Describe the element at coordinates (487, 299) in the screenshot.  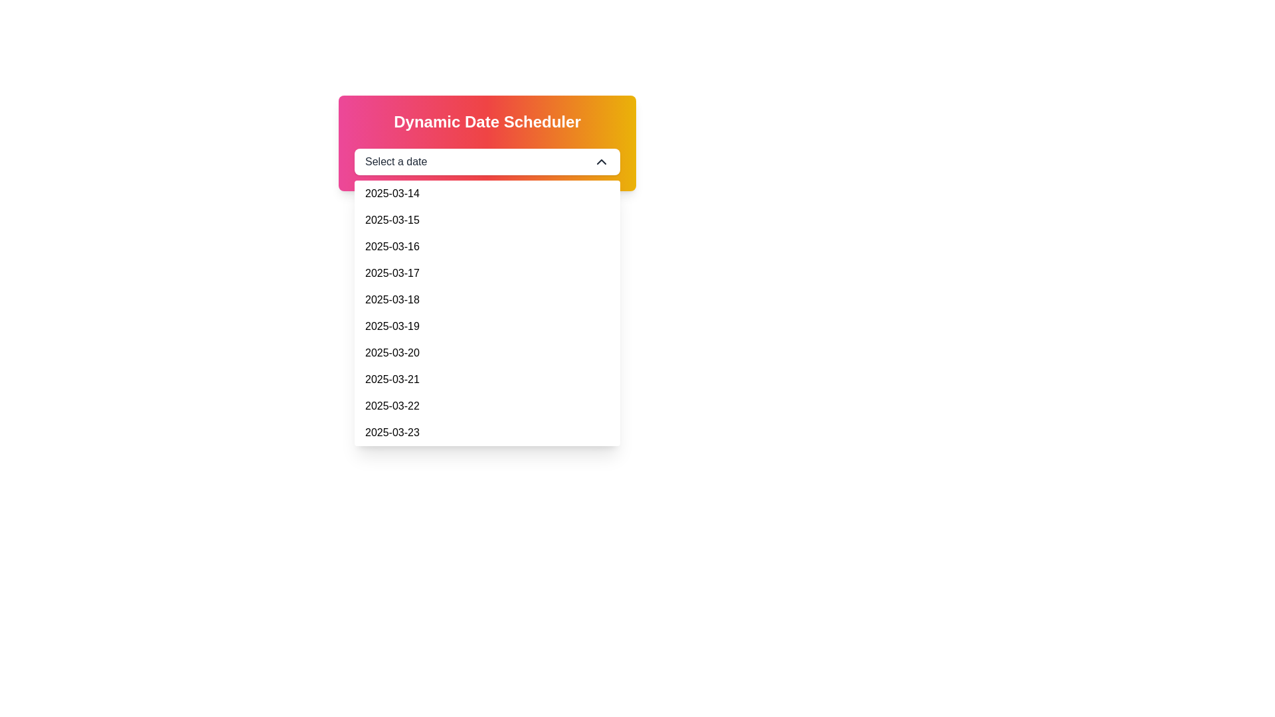
I see `the date item '2025-03-18' in the dropdown menu` at that location.